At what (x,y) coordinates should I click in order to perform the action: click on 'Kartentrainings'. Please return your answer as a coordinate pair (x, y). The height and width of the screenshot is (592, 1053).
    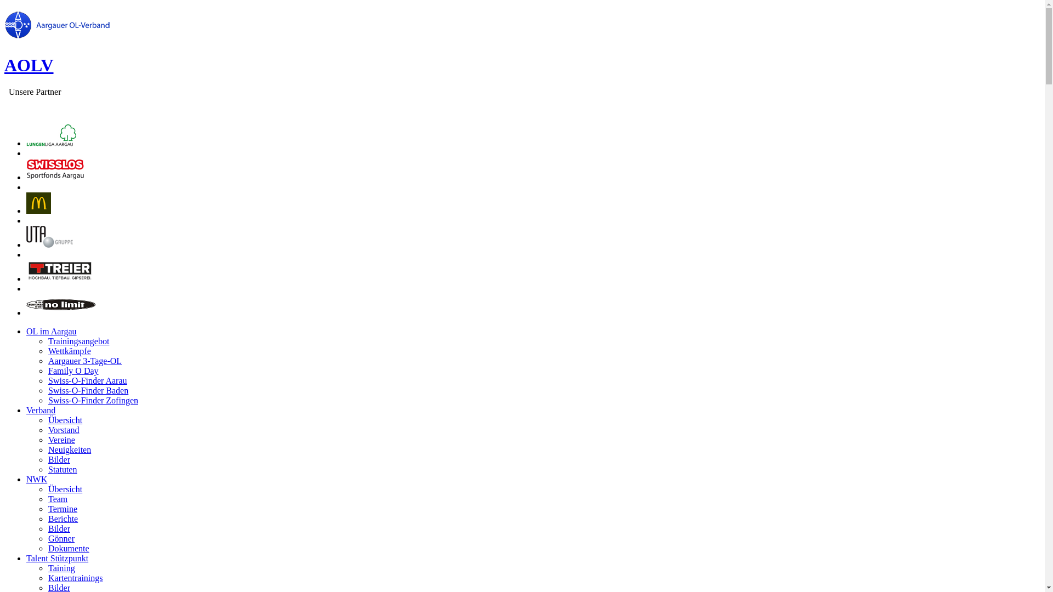
    Looking at the image, I should click on (75, 577).